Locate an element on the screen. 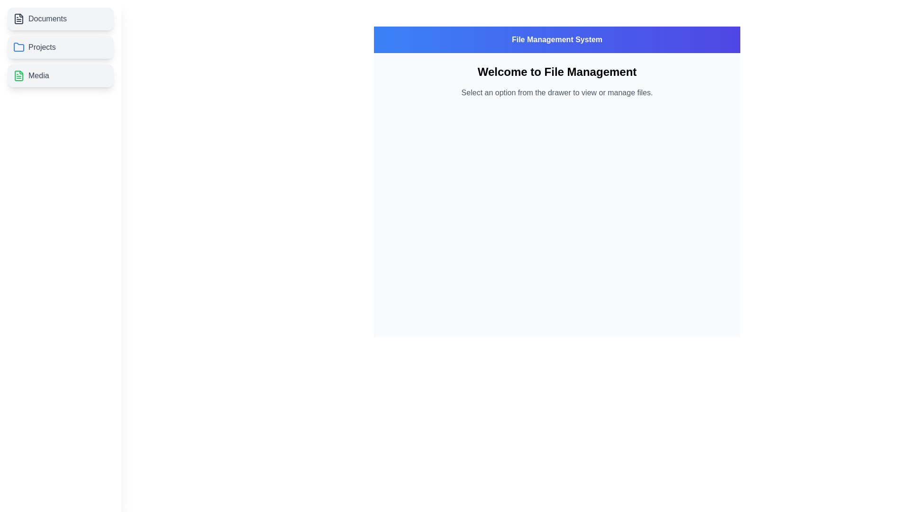 This screenshot has height=512, width=910. the file category Documents by clicking on its respective list item is located at coordinates (60, 18).